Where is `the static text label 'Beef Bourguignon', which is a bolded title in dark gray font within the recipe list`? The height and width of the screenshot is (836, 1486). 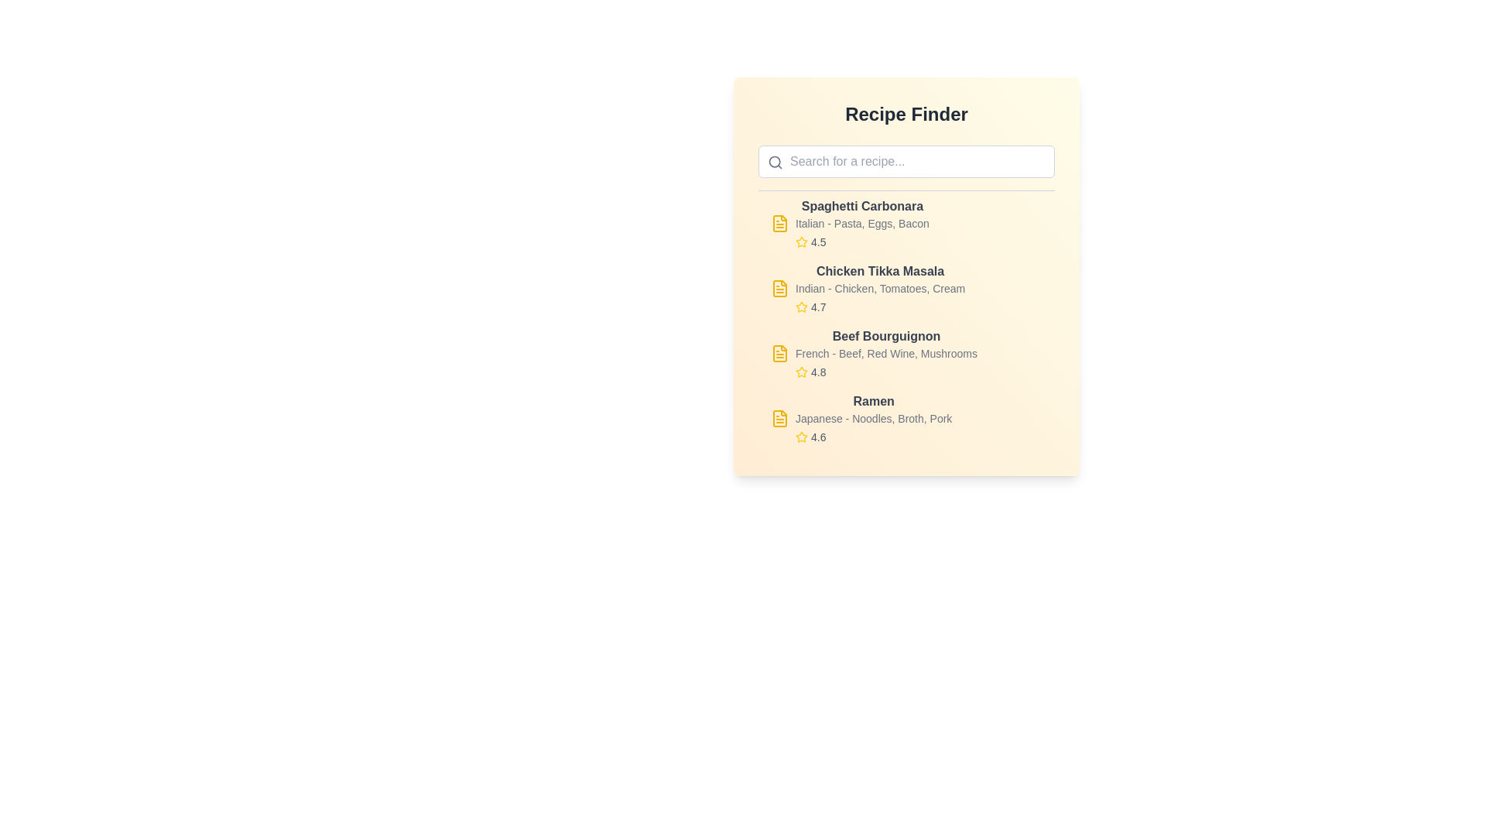
the static text label 'Beef Bourguignon', which is a bolded title in dark gray font within the recipe list is located at coordinates (886, 336).